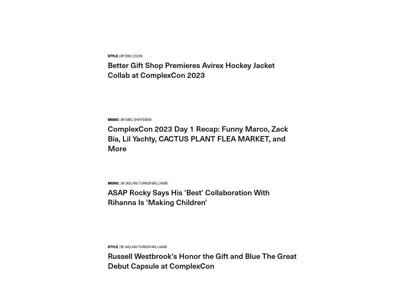 Image resolution: width=411 pixels, height=294 pixels. What do you see at coordinates (125, 56) in the screenshot?
I see `'ERIK LEIJON'` at bounding box center [125, 56].